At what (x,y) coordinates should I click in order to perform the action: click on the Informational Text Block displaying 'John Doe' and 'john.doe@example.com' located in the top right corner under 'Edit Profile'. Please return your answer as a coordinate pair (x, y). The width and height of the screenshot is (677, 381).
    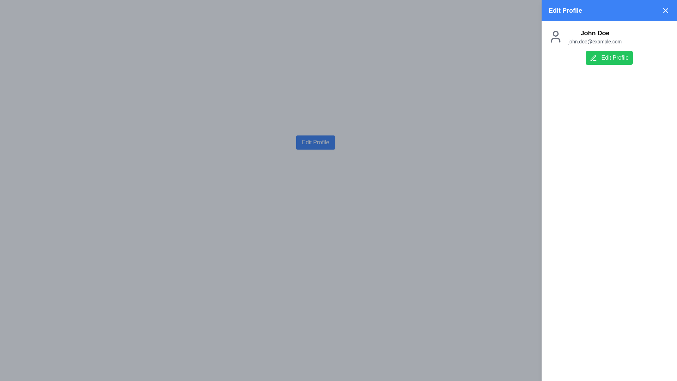
    Looking at the image, I should click on (594, 37).